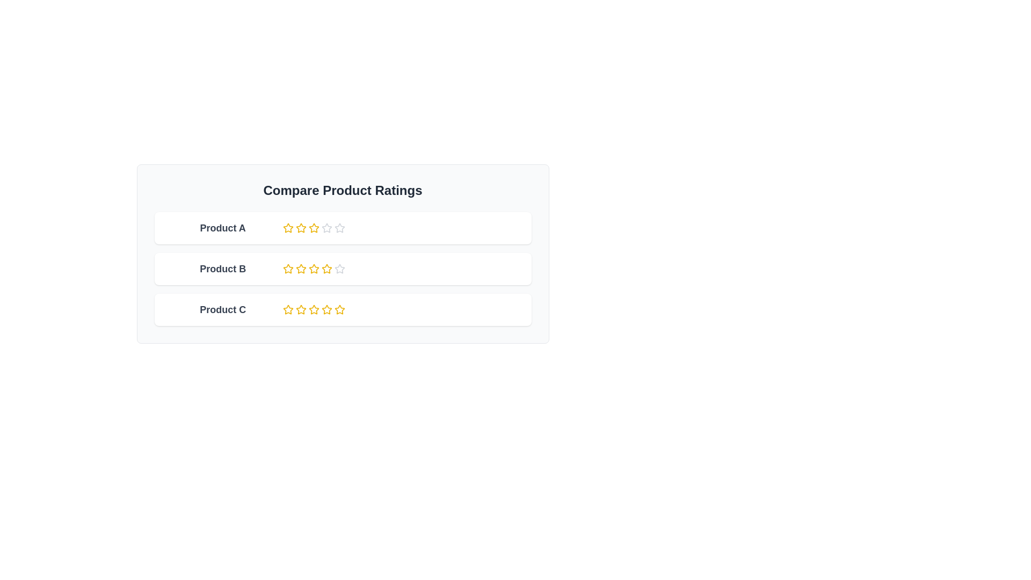  What do you see at coordinates (288, 310) in the screenshot?
I see `the first star icon in the rating row for 'Product C', which is located in the third row of the product list` at bounding box center [288, 310].